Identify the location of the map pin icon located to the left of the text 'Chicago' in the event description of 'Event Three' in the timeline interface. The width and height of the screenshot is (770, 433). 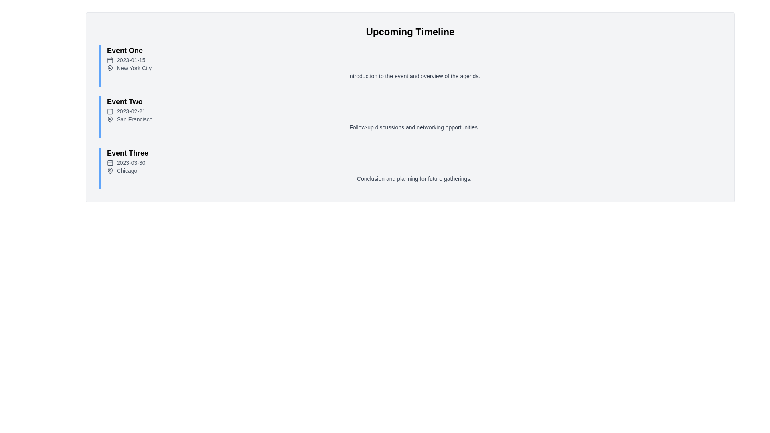
(109, 170).